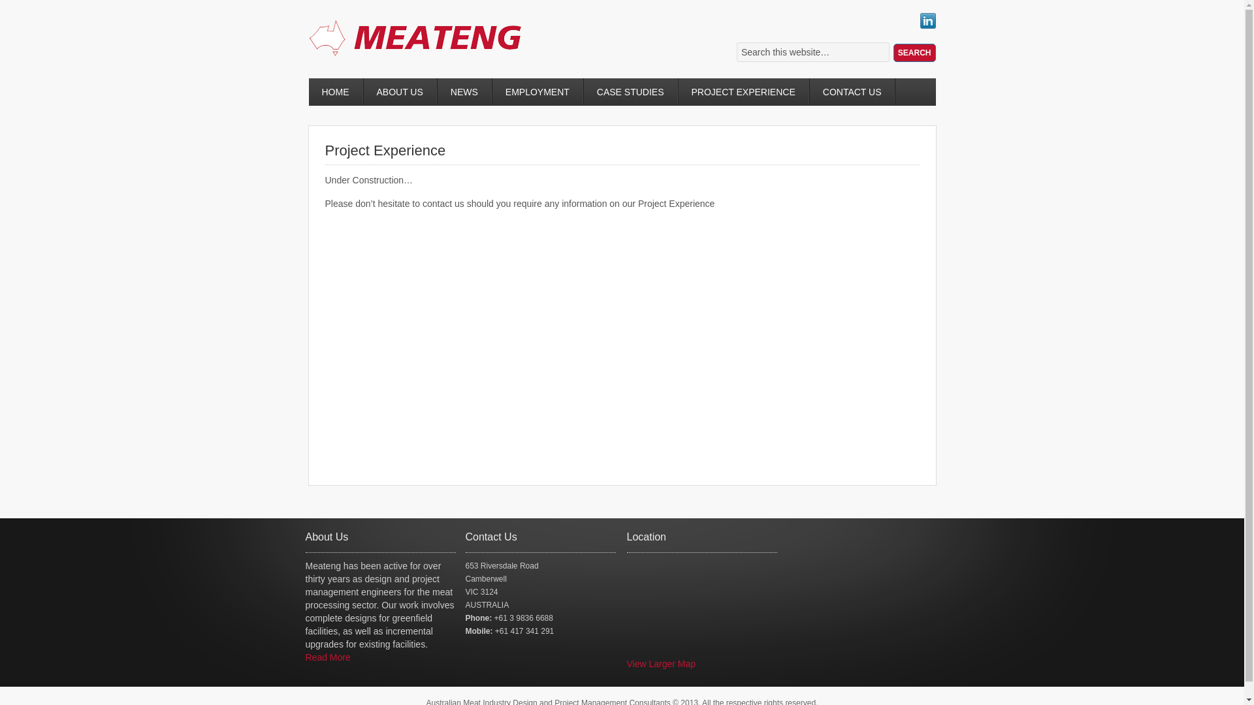 Image resolution: width=1254 pixels, height=705 pixels. I want to click on 'ABOUT US', so click(399, 91).